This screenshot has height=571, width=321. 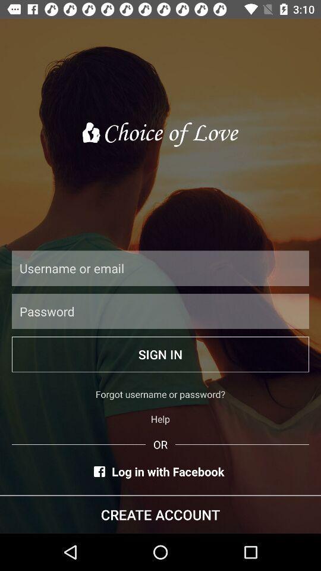 What do you see at coordinates (160, 419) in the screenshot?
I see `icon above or icon` at bounding box center [160, 419].